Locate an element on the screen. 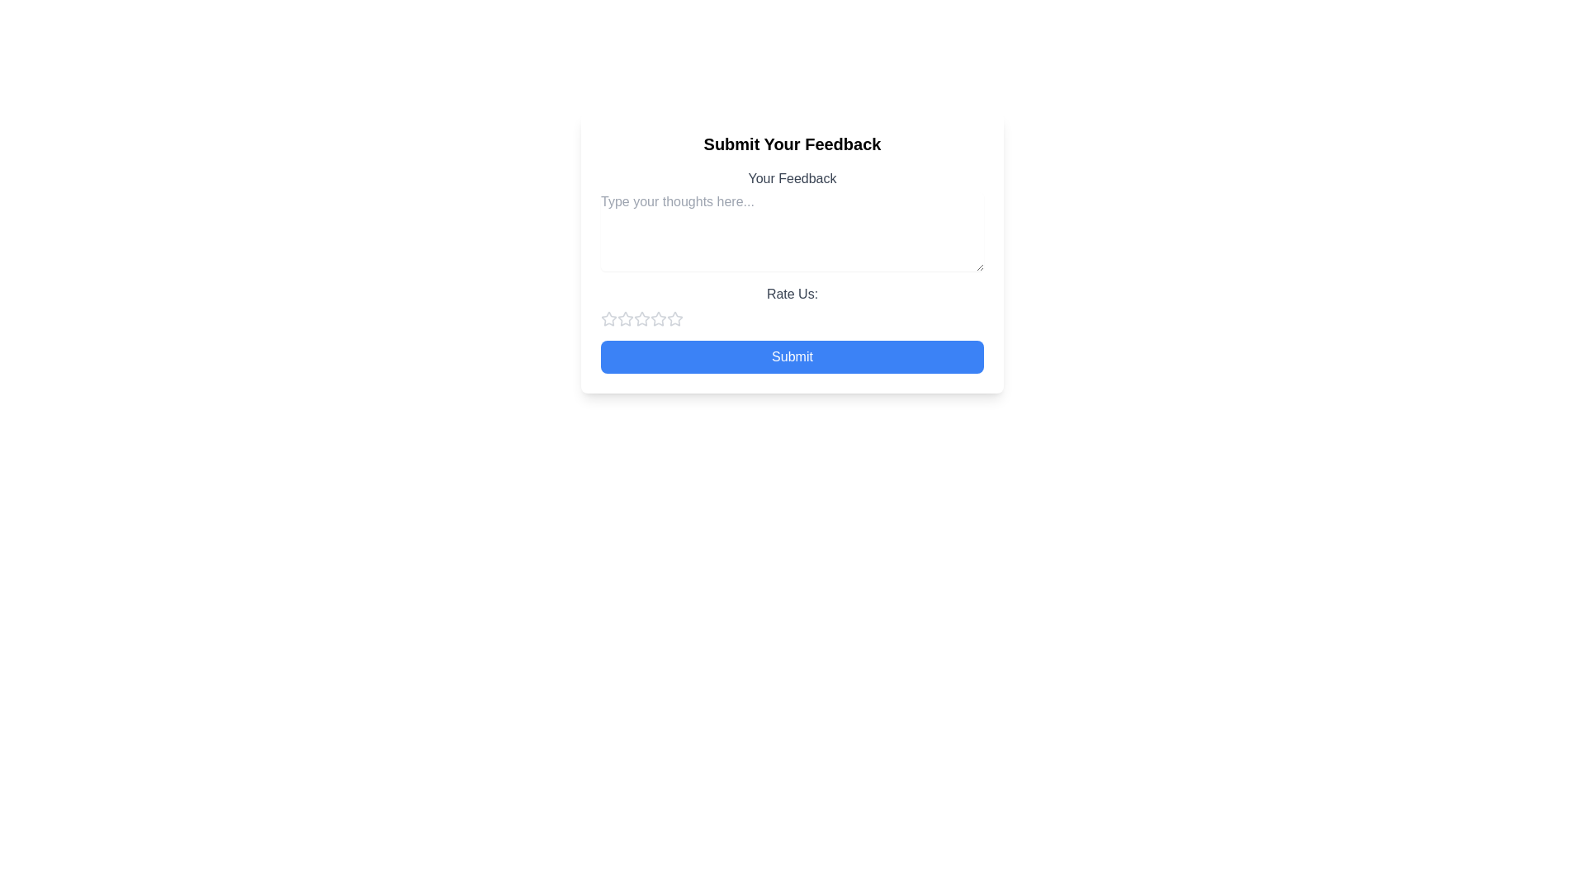  the first star-shaped rating button located beneath the 'Rate Us' textarea is located at coordinates (608, 318).